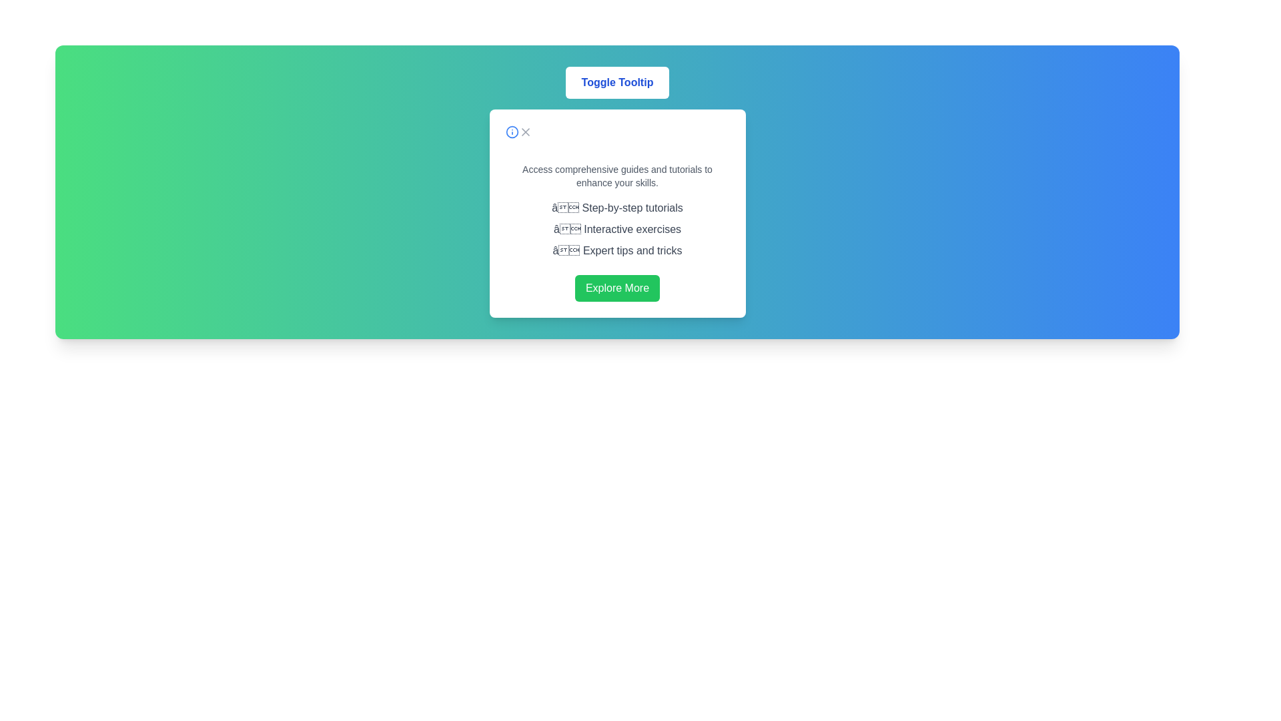 The image size is (1281, 721). What do you see at coordinates (616, 228) in the screenshot?
I see `the second bullet point in the white pop-up card that emphasizes the availability of interactive exercises, positioned between '✔ Step-by-step tutorials' and '✔ Expert tips and tricks'` at bounding box center [616, 228].